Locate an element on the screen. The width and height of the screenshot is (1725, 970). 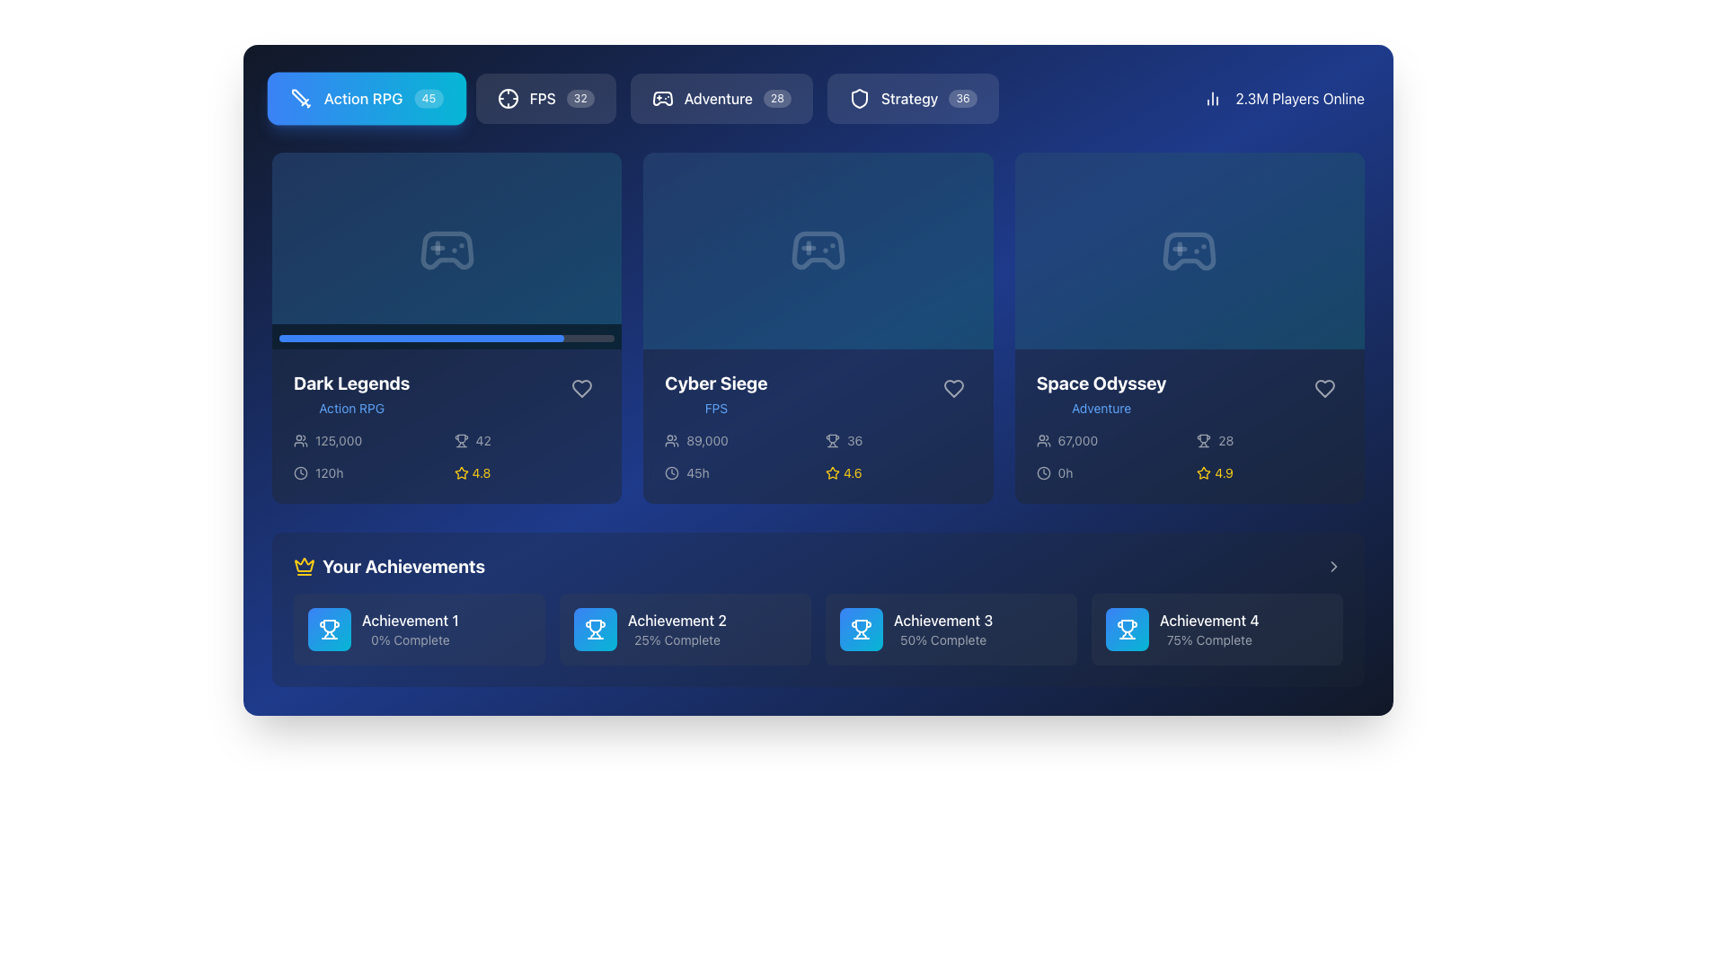
the yellow star icon indicator located at the lower middle-right of the 'Dark Legends' card is located at coordinates (461, 472).